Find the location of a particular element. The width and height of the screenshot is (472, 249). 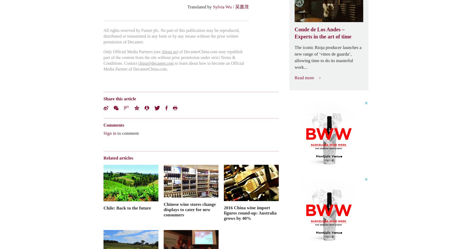

'Chinese wine stores change displays to cater for new consumers' is located at coordinates (164, 209).